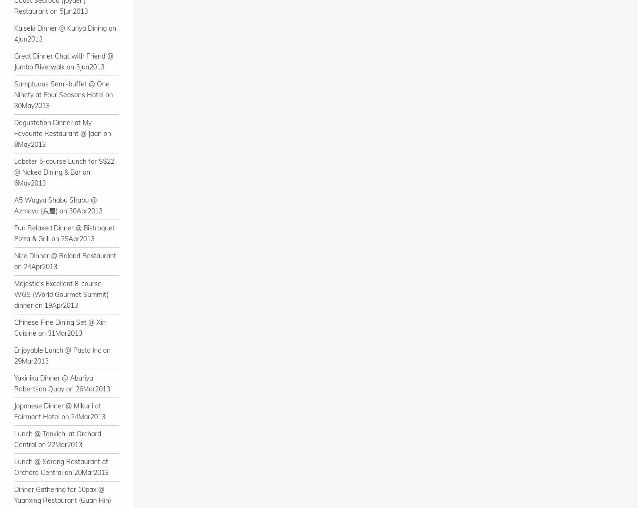 This screenshot has width=638, height=508. Describe the element at coordinates (64, 171) in the screenshot. I see `'Lobster 5-course Lunch for S$22 @ Naked Dining & Bar on 6May2013'` at that location.